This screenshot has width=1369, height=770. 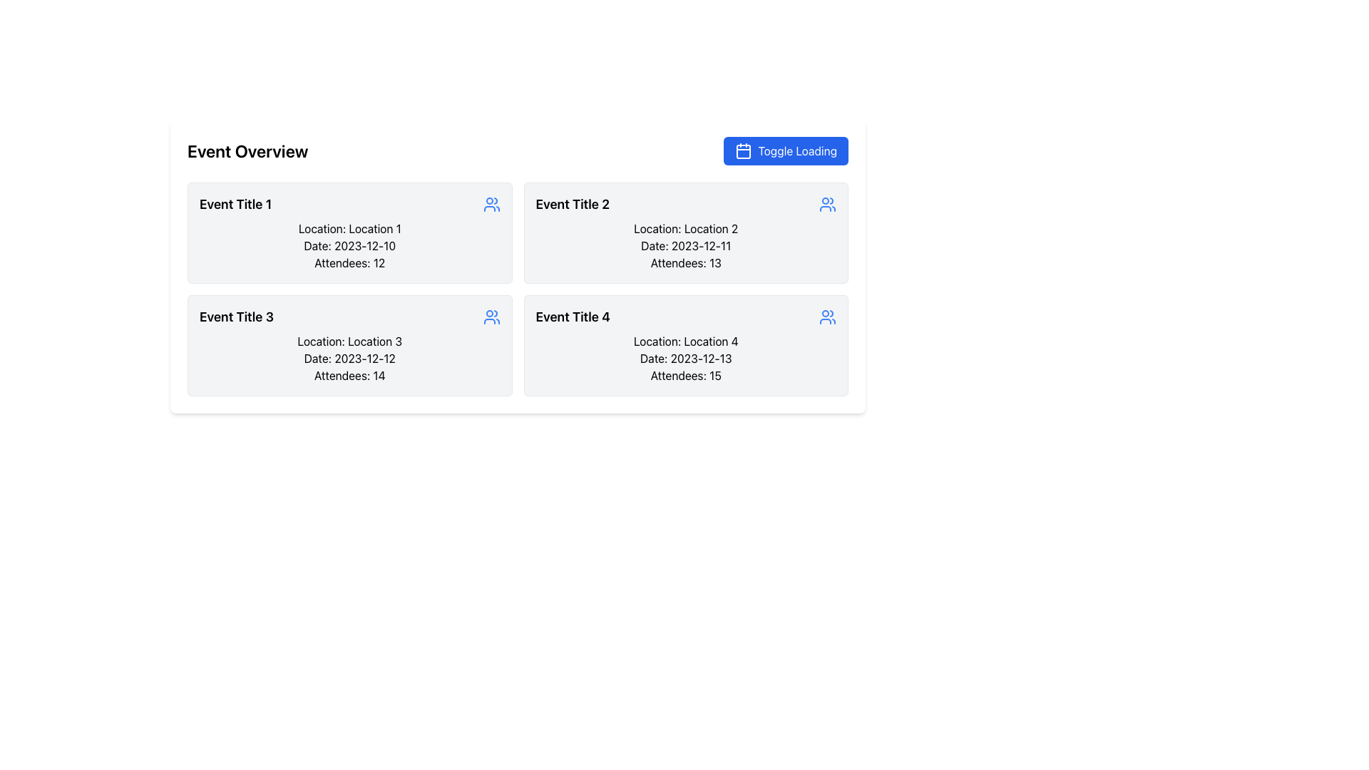 I want to click on the blue user group icon positioned to the right of 'Event Title 4', so click(x=828, y=316).